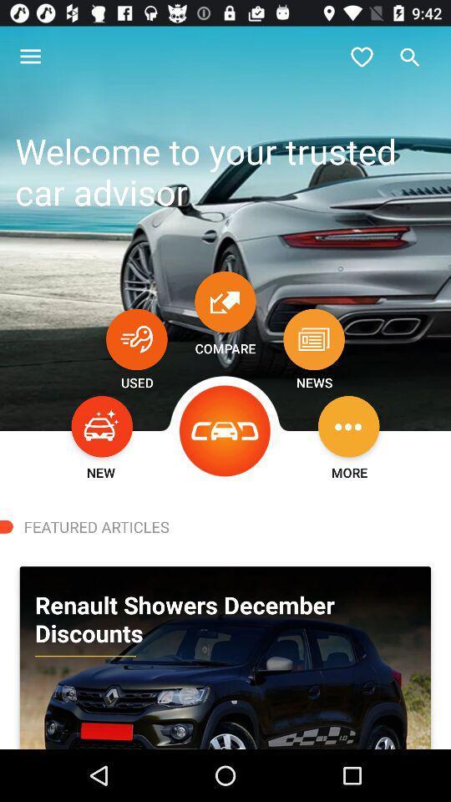 Image resolution: width=451 pixels, height=802 pixels. I want to click on search, so click(409, 57).